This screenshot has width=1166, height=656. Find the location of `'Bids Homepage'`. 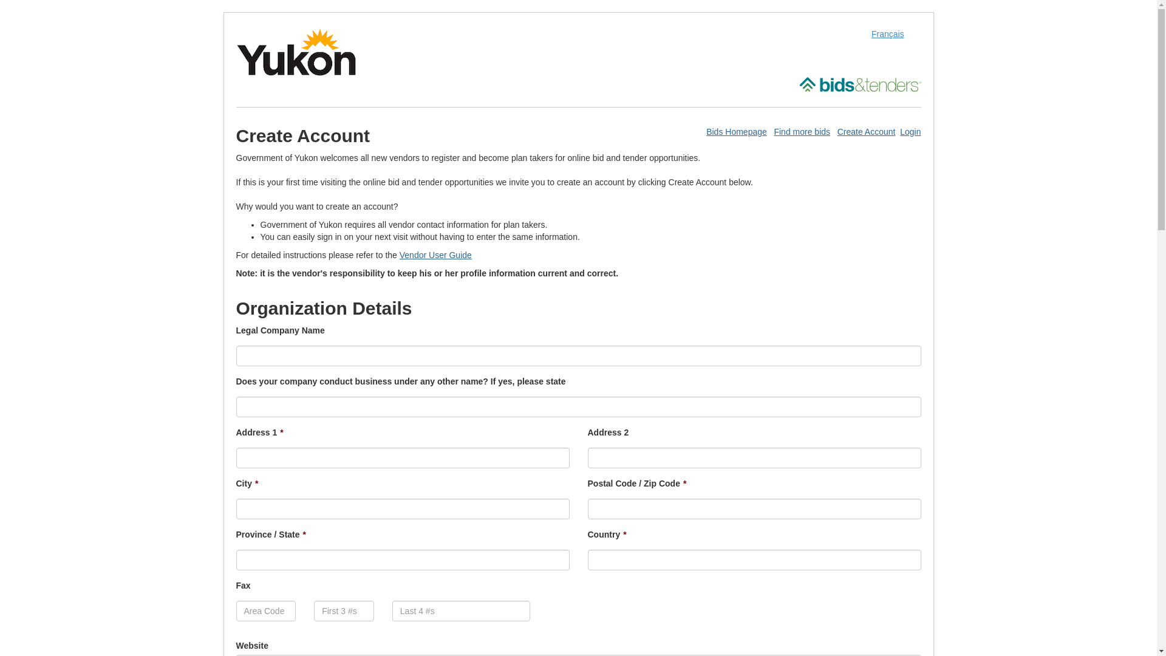

'Bids Homepage' is located at coordinates (736, 131).